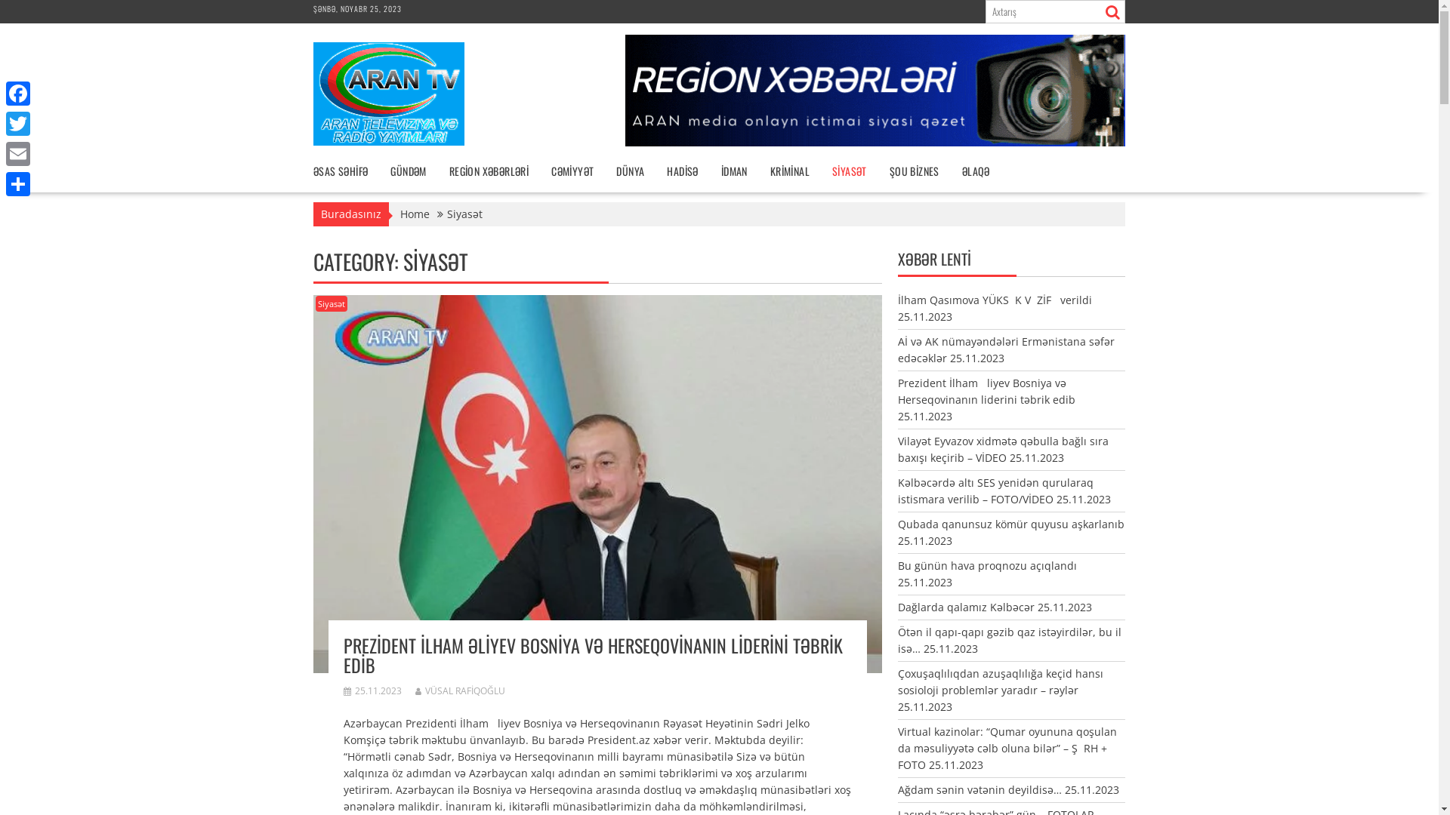  I want to click on 'Share', so click(3, 183).